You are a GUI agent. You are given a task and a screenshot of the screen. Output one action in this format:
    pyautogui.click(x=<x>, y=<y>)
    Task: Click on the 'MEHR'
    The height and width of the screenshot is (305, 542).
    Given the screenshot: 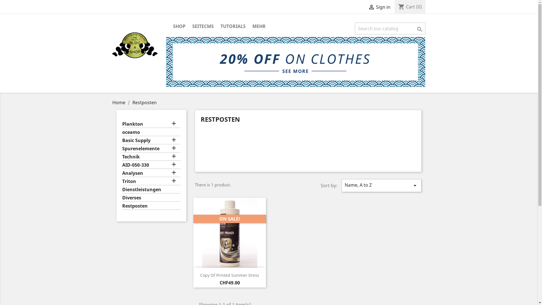 What is the action you would take?
    pyautogui.click(x=249, y=27)
    